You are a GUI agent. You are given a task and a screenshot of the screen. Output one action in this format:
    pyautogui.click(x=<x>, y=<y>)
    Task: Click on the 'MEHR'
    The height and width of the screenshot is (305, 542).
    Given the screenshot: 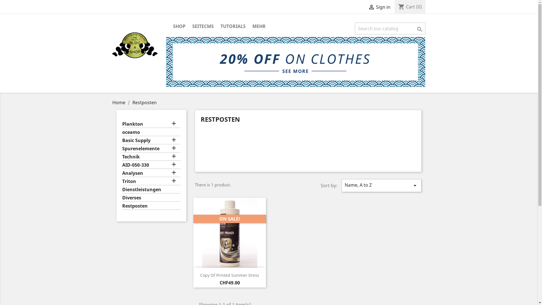 What is the action you would take?
    pyautogui.click(x=249, y=27)
    